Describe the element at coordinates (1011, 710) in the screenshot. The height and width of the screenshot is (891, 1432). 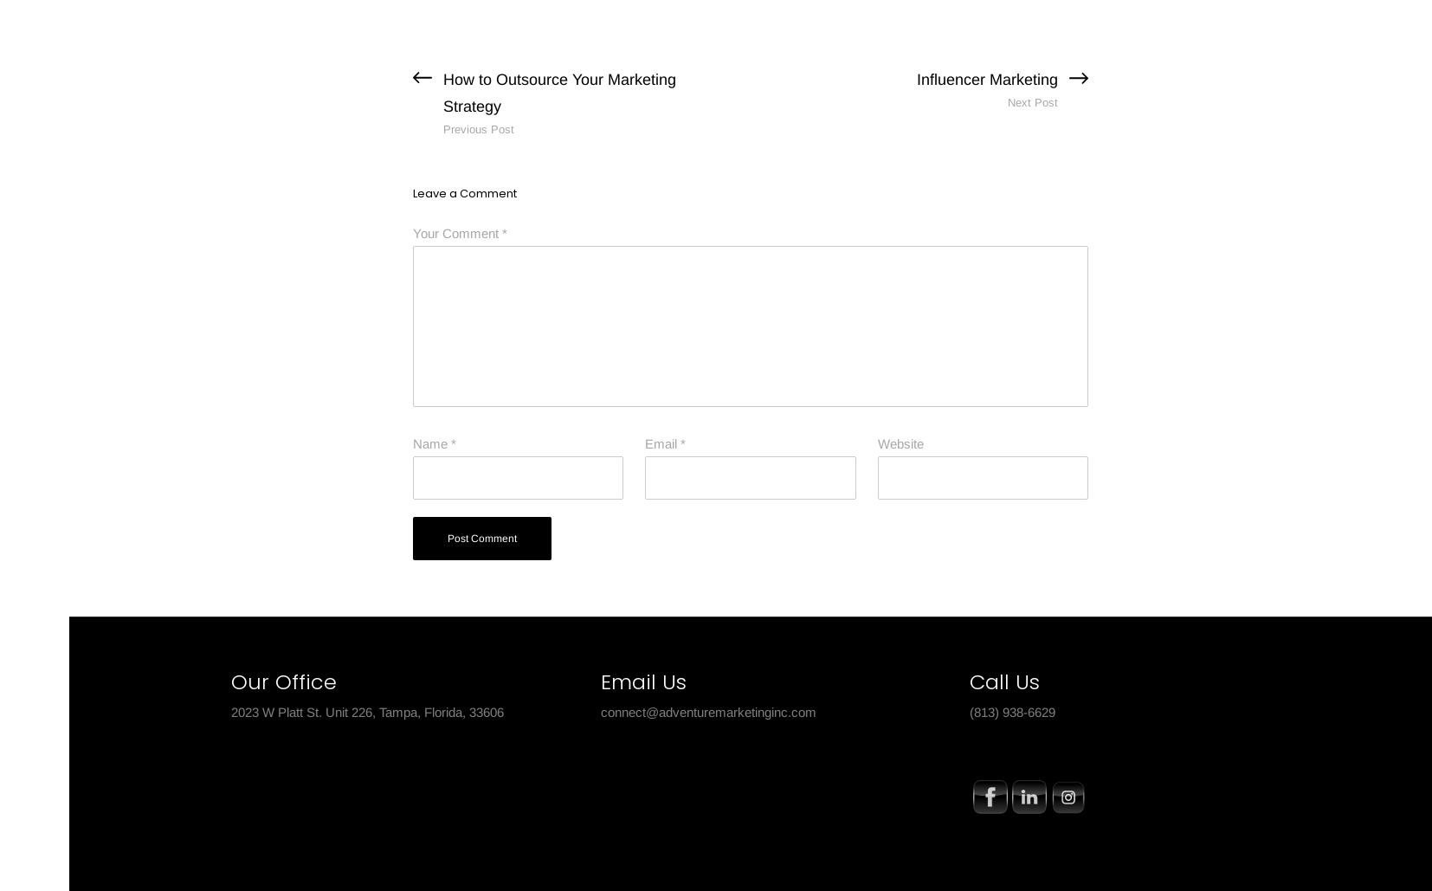
I see `'(813) 938-6629'` at that location.